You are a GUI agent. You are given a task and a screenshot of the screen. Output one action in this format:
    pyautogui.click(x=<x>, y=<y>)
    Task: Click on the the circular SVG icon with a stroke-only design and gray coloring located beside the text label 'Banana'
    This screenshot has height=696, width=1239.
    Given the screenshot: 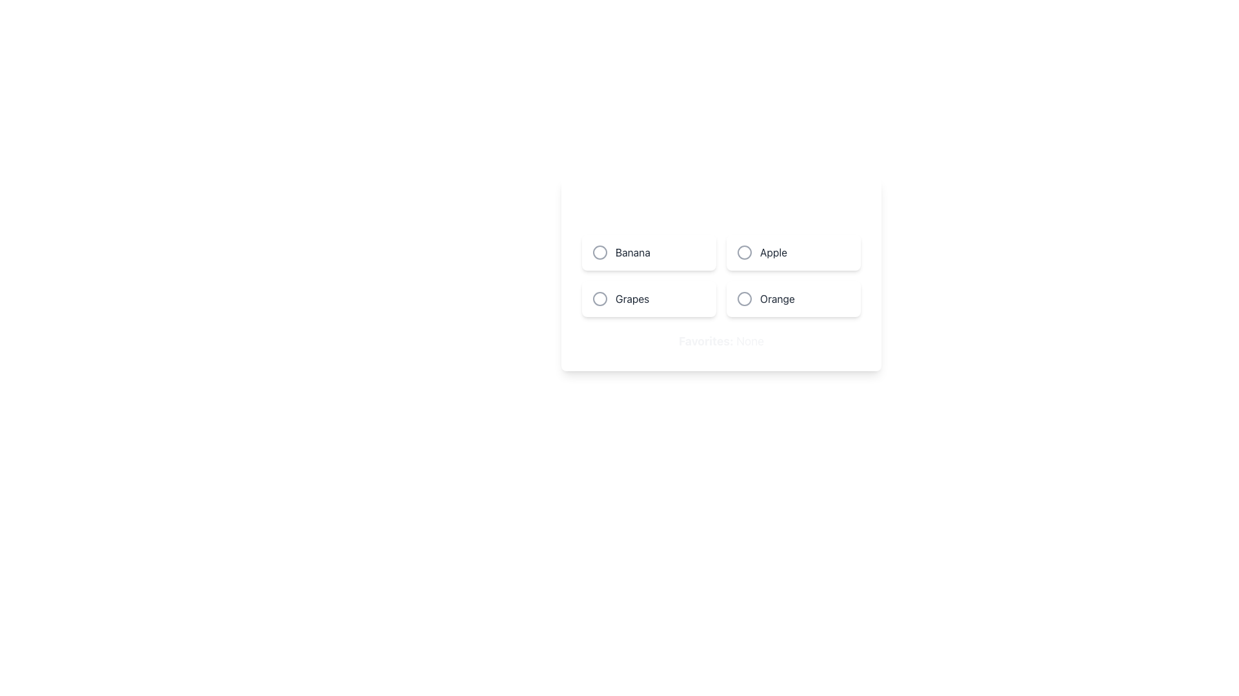 What is the action you would take?
    pyautogui.click(x=599, y=253)
    